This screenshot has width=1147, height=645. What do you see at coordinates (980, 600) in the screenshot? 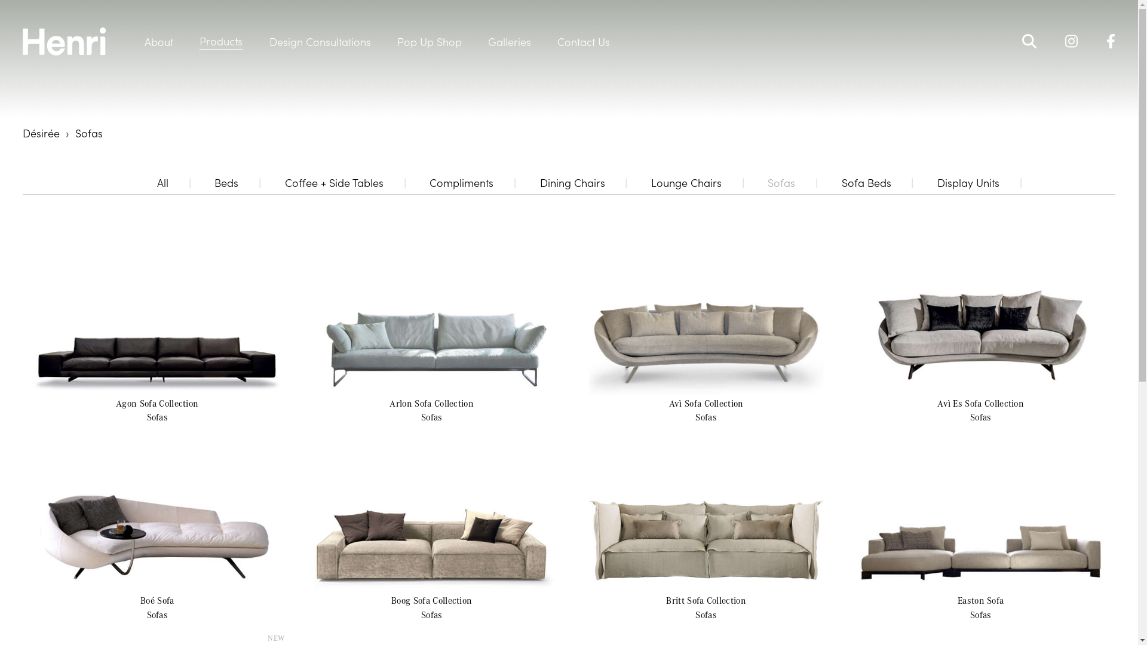
I see `'Easton Sofa'` at bounding box center [980, 600].